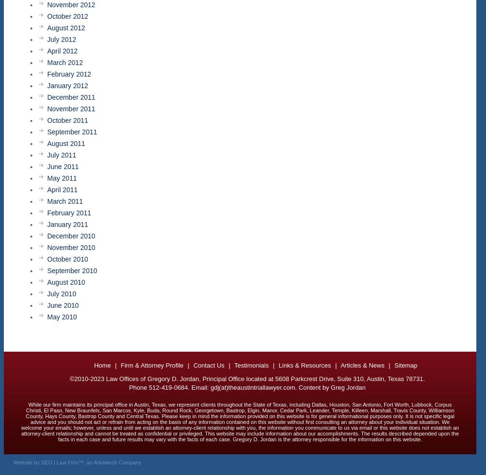 The image size is (486, 475). Describe the element at coordinates (94, 365) in the screenshot. I see `'Home'` at that location.